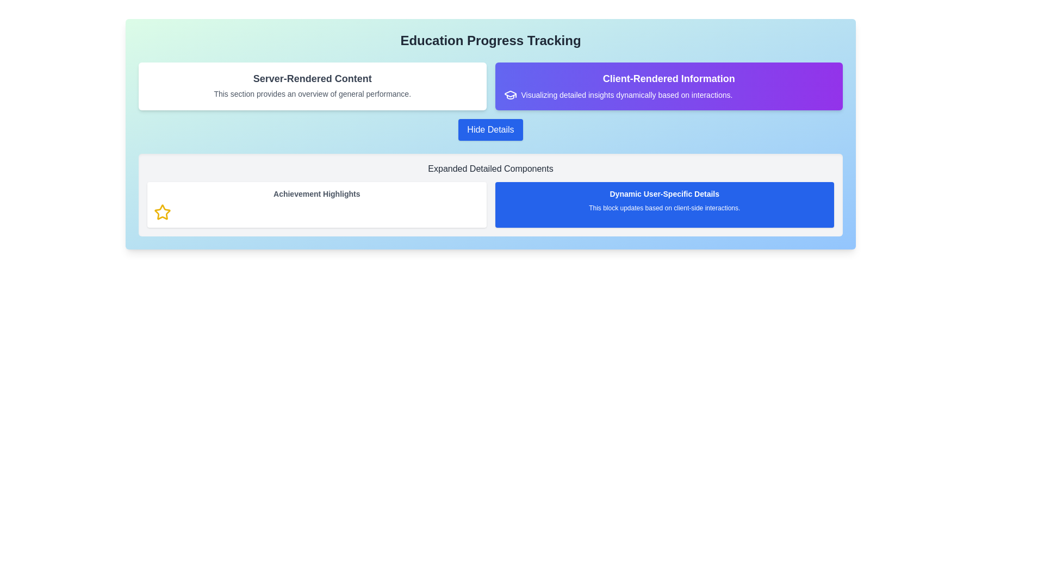 The width and height of the screenshot is (1044, 587). What do you see at coordinates (316, 193) in the screenshot?
I see `the Static Text Label that serves as a header for the 'Achievement Highlights' section, located in the 'Expanded Detailed Components' section` at bounding box center [316, 193].